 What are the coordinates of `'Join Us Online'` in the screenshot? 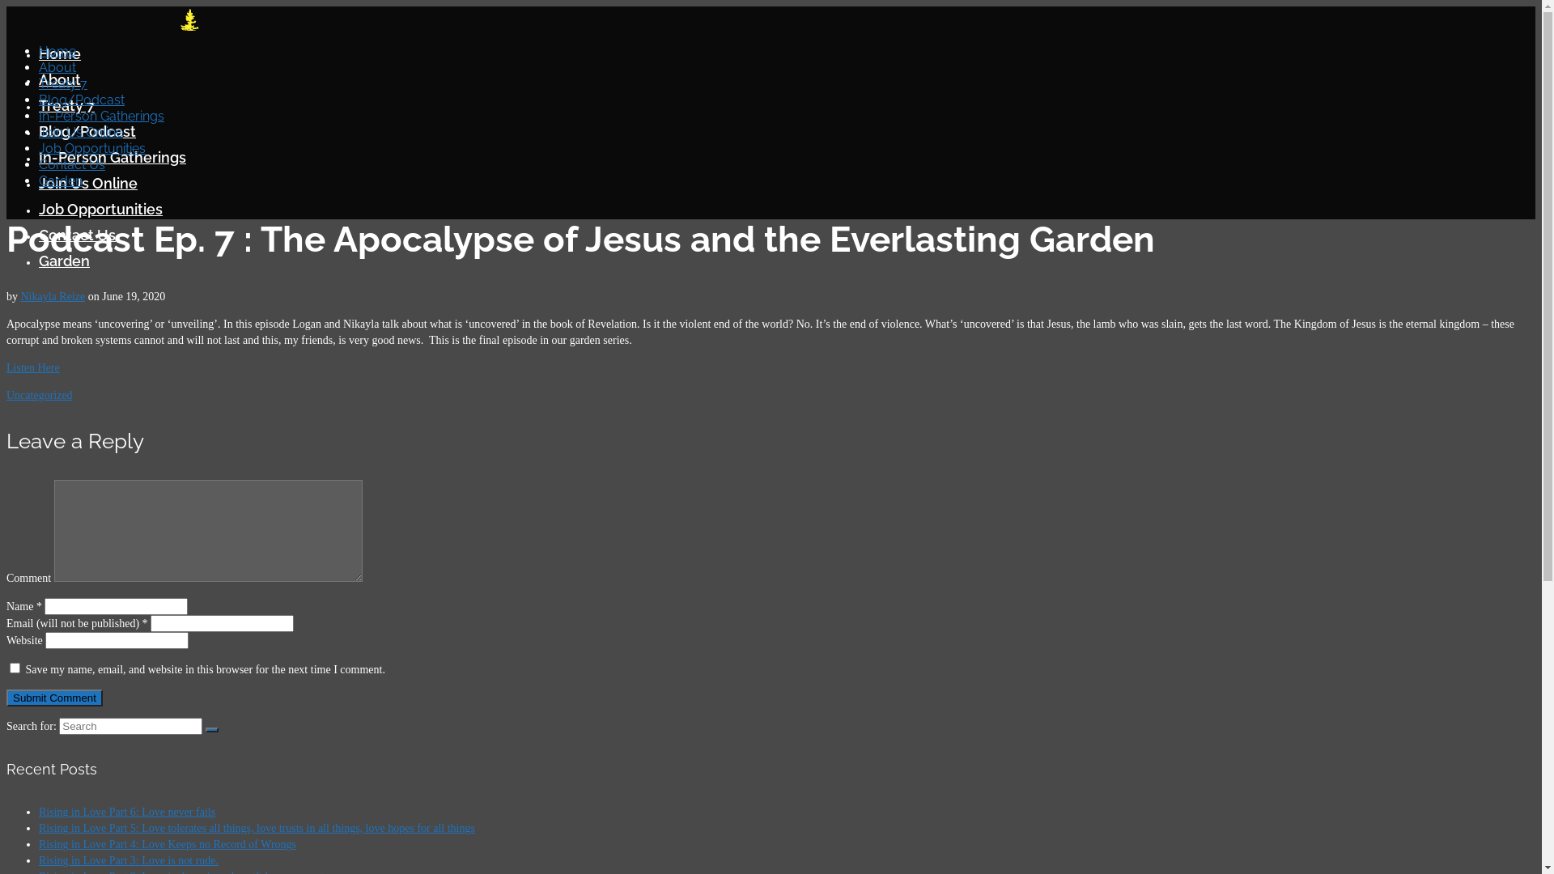 It's located at (80, 131).